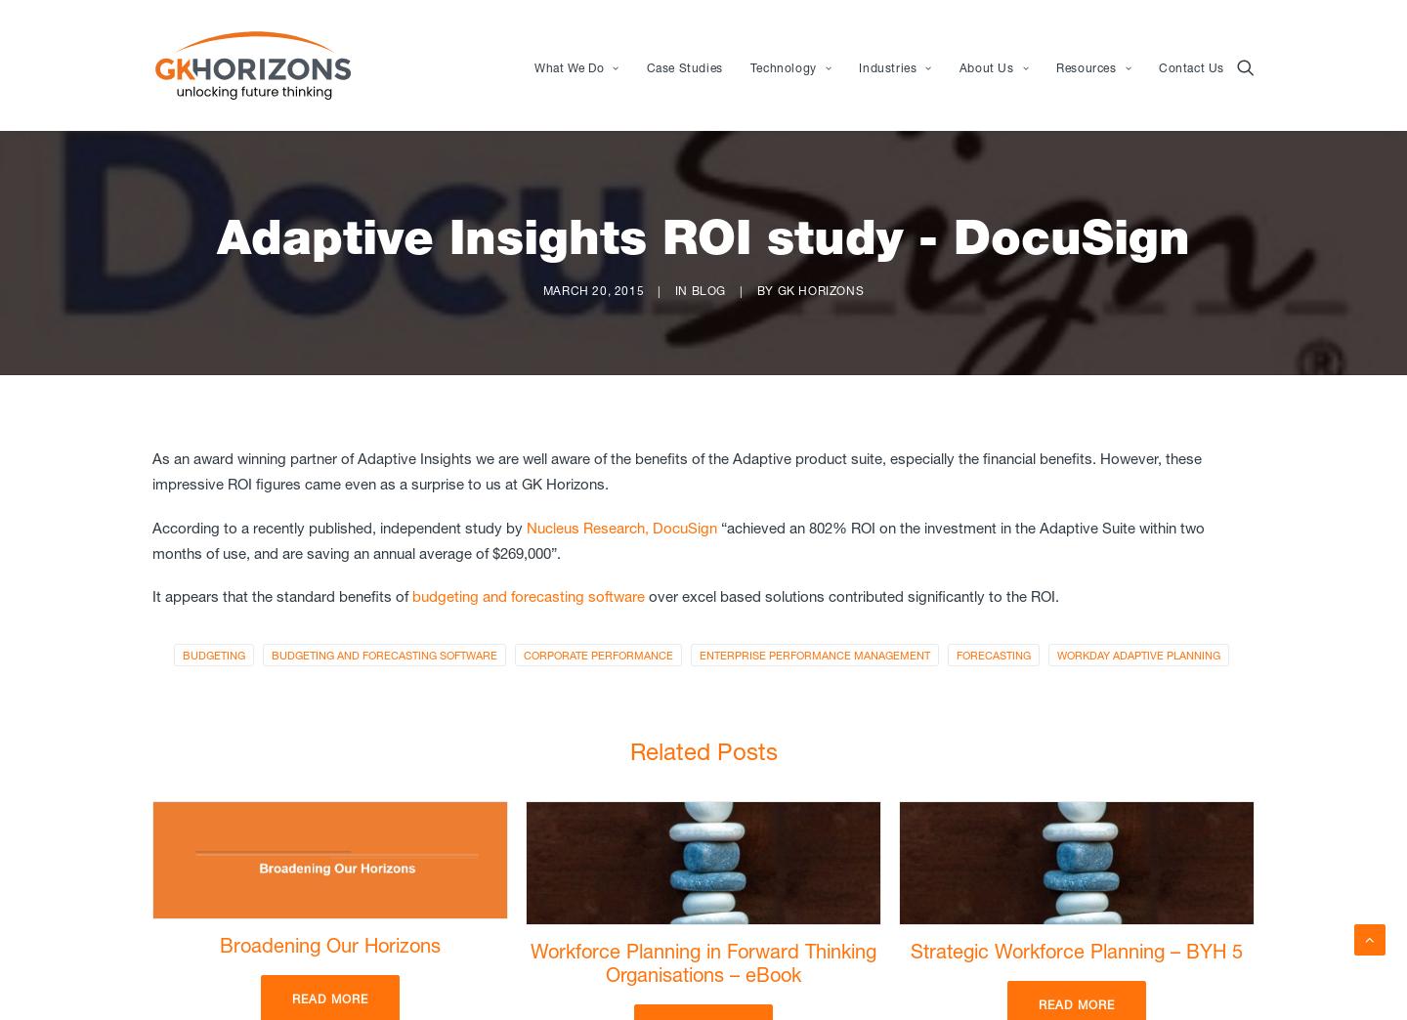  What do you see at coordinates (678, 537) in the screenshot?
I see `'“achieved an 802% ROI on the investment in the Adaptive Suite within two months of use, and are saving an annual average of $269,000”.'` at bounding box center [678, 537].